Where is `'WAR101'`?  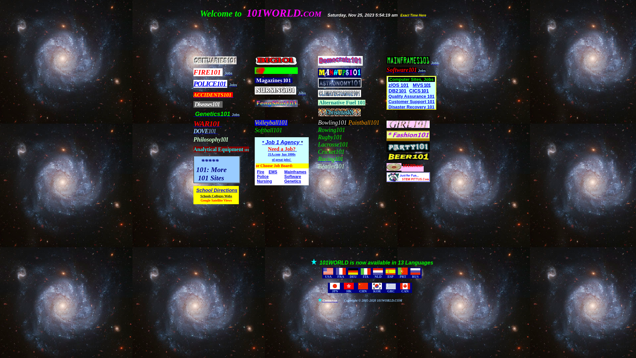 'WAR101' is located at coordinates (206, 124).